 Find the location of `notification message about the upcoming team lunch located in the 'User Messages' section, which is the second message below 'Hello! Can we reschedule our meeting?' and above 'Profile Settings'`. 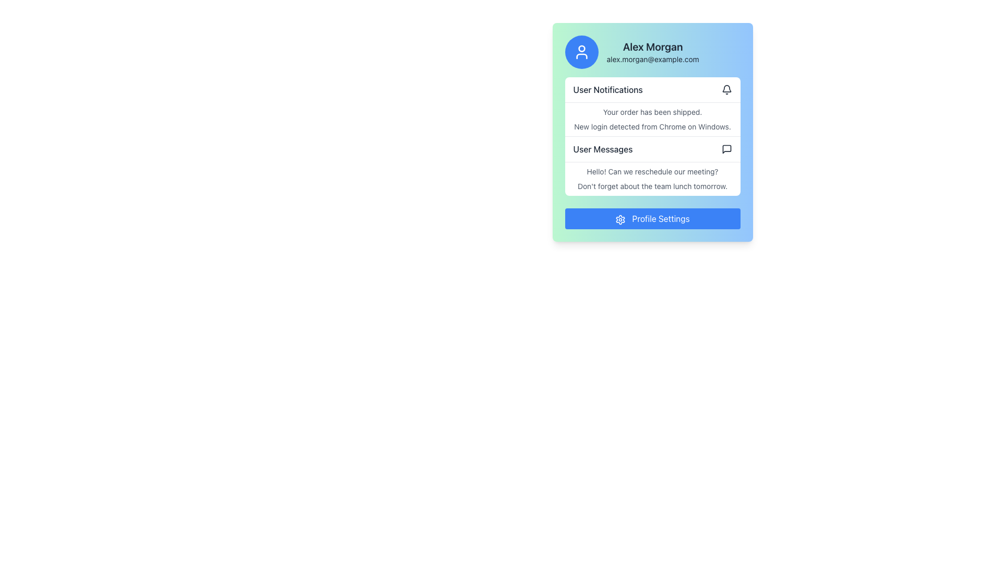

notification message about the upcoming team lunch located in the 'User Messages' section, which is the second message below 'Hello! Can we reschedule our meeting?' and above 'Profile Settings' is located at coordinates (652, 186).